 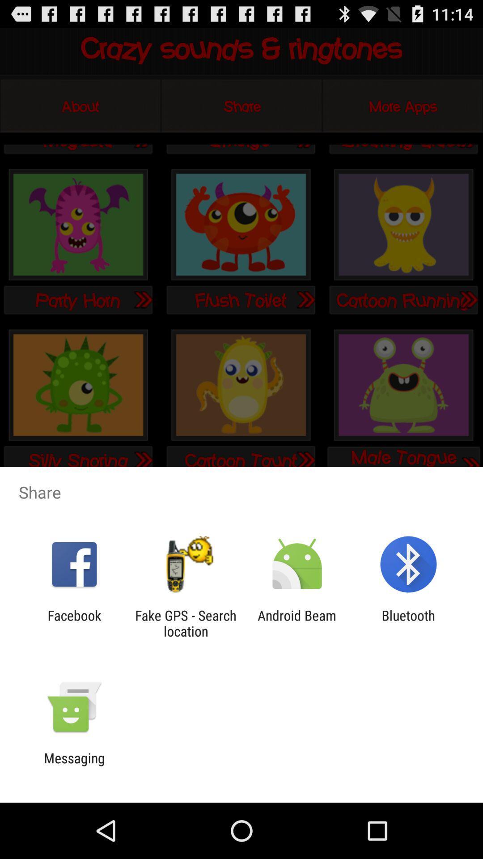 I want to click on icon next to android beam icon, so click(x=185, y=623).